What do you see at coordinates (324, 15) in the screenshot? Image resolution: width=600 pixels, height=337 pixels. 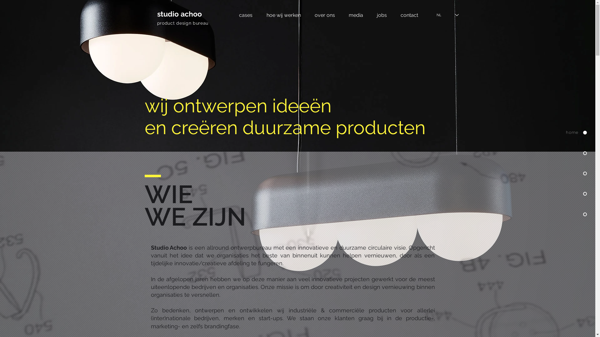 I see `'over ons'` at bounding box center [324, 15].